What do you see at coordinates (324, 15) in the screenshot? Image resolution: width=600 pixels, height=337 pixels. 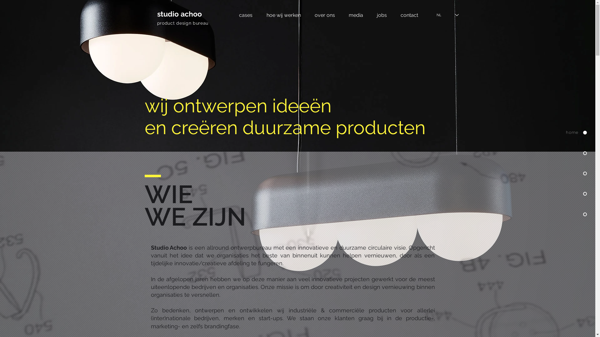 I see `'over ons'` at bounding box center [324, 15].